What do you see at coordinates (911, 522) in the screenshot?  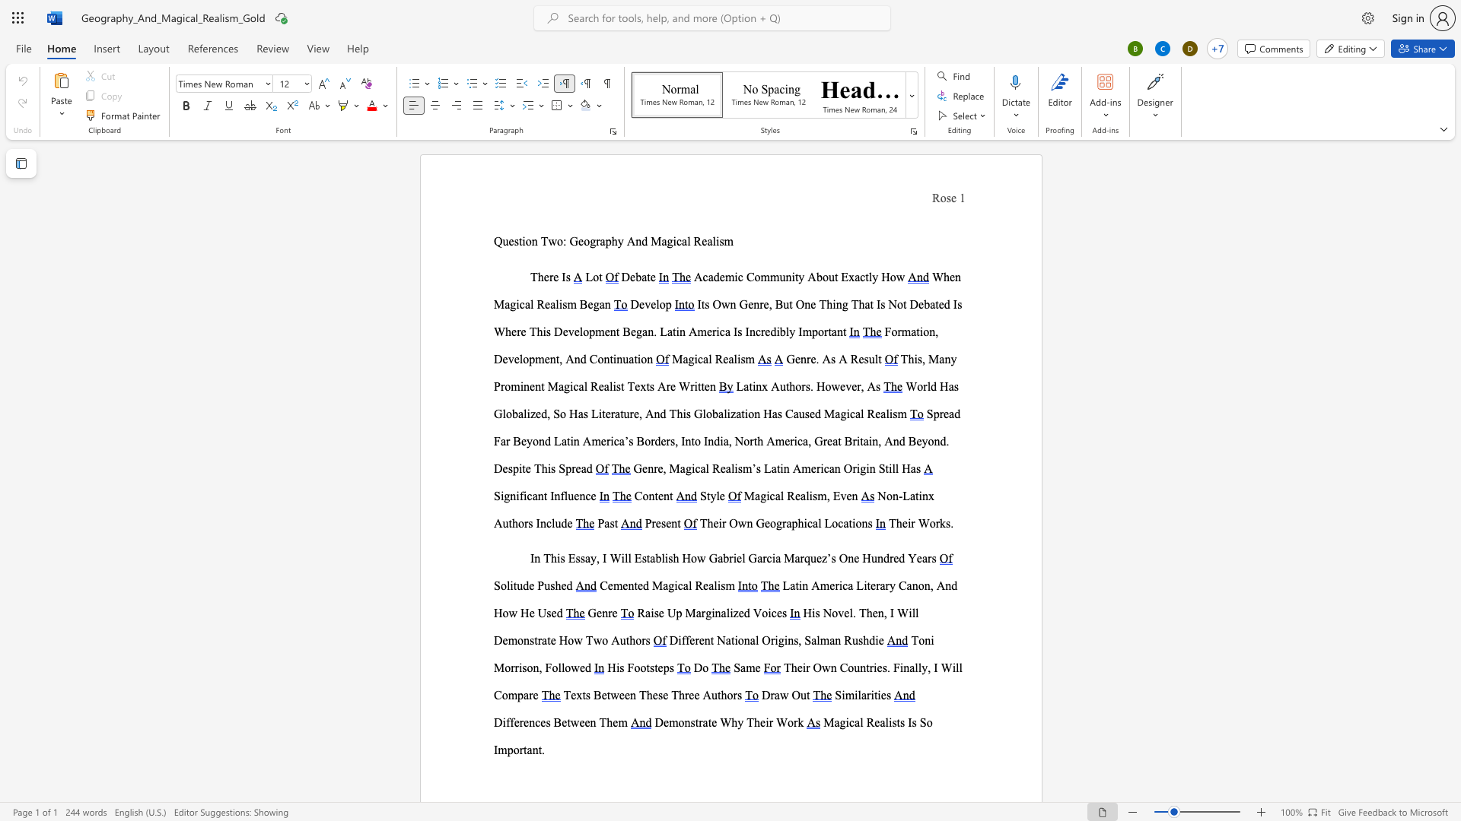 I see `the space between the continuous character "i" and "r" in the text` at bounding box center [911, 522].